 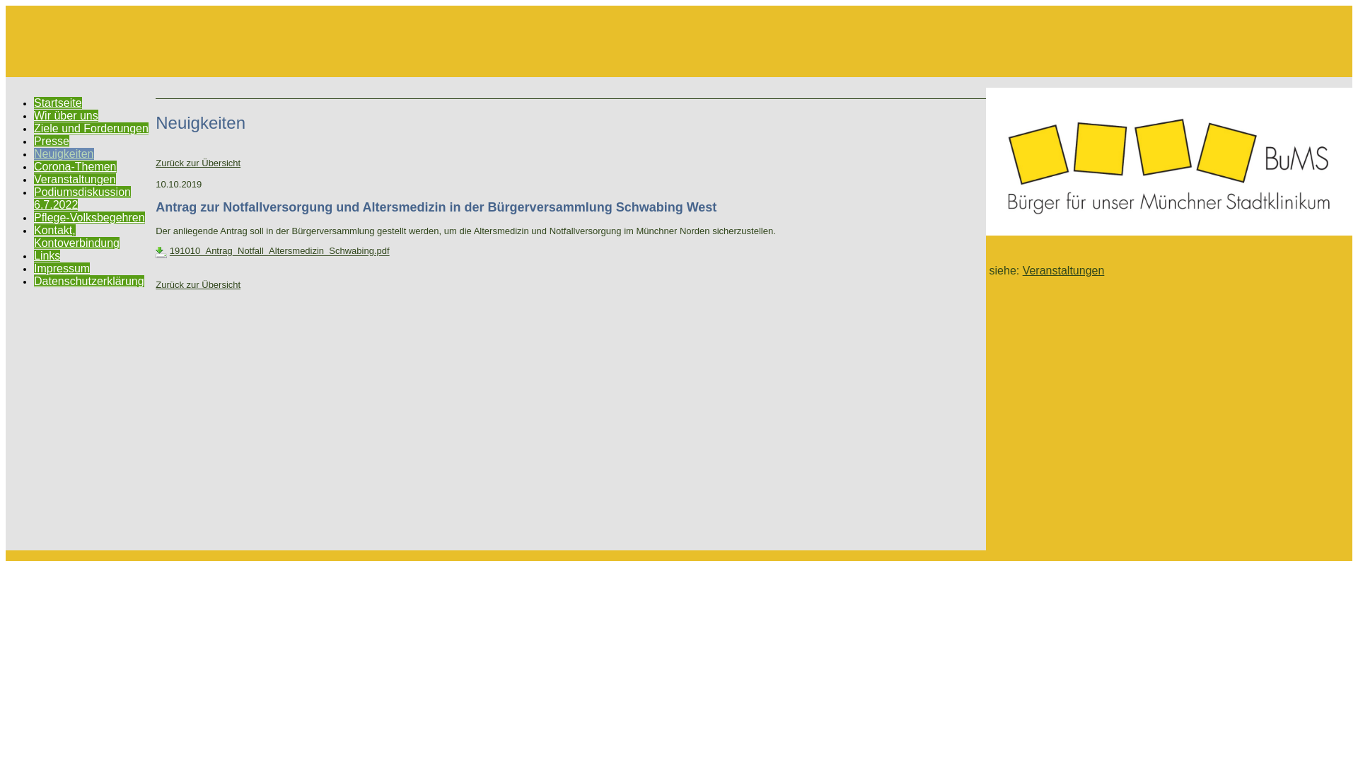 I want to click on 'Ziele und Forderungen', so click(x=91, y=128).